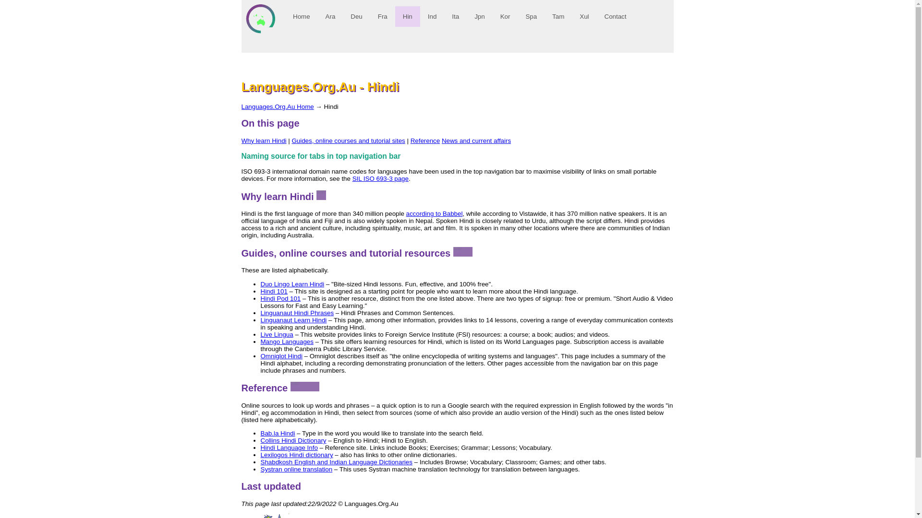 The height and width of the screenshot is (518, 922). Describe the element at coordinates (434, 213) in the screenshot. I see `'according to Babbel'` at that location.